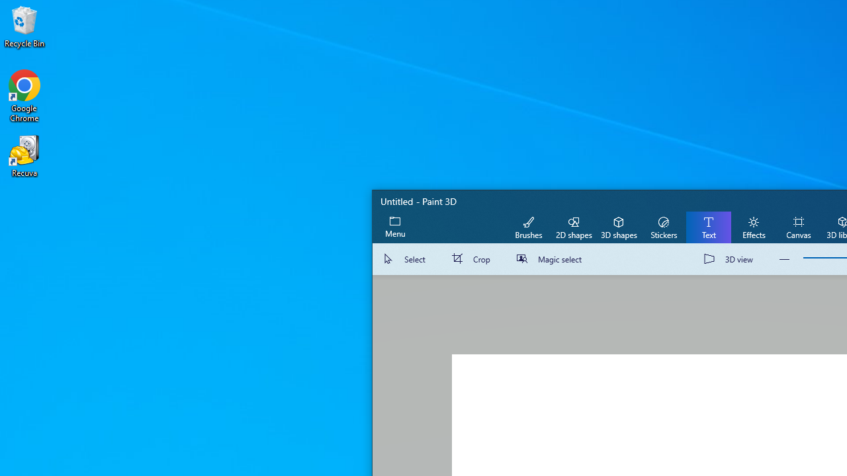  I want to click on 'Zoom out', so click(784, 259).